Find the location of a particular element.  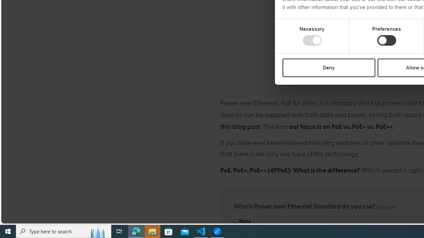

'Preferences' is located at coordinates (386, 40).